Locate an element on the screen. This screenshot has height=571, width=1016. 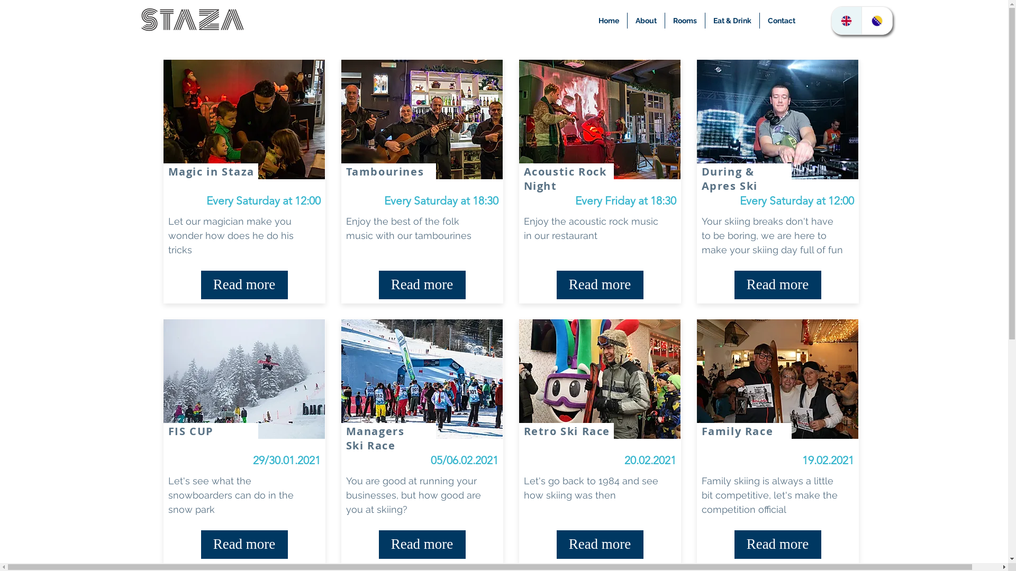
'Home' is located at coordinates (609, 20).